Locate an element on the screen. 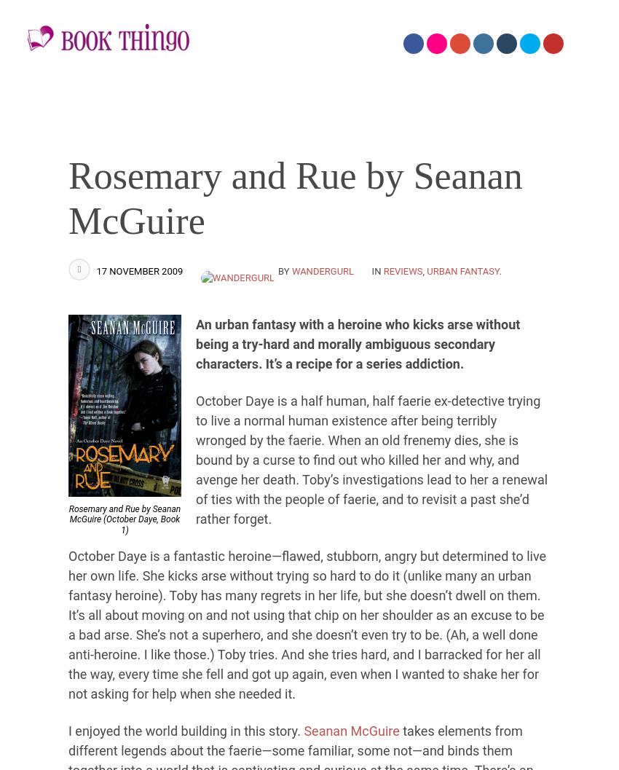  'I enjoyed the world building in this story.' is located at coordinates (186, 729).